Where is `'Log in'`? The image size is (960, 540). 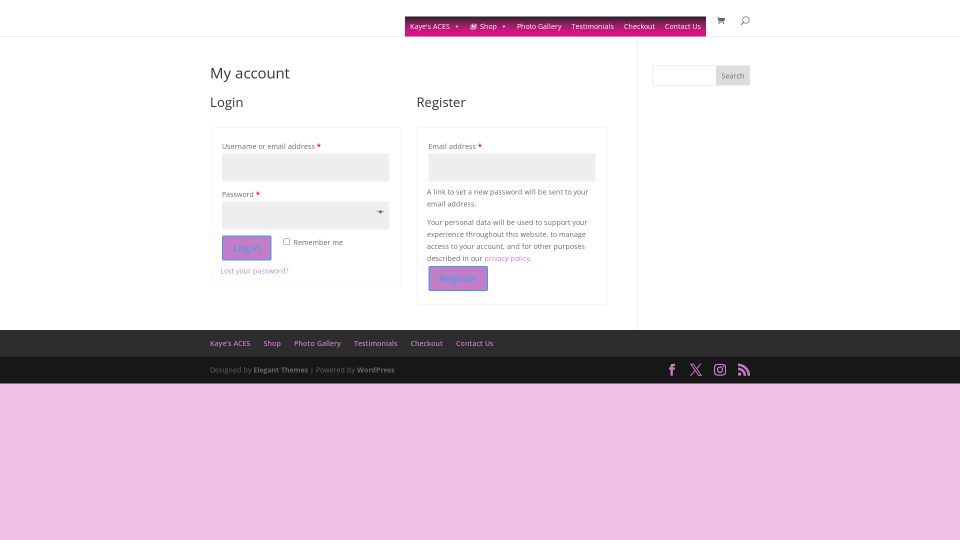
'Log in' is located at coordinates (246, 247).